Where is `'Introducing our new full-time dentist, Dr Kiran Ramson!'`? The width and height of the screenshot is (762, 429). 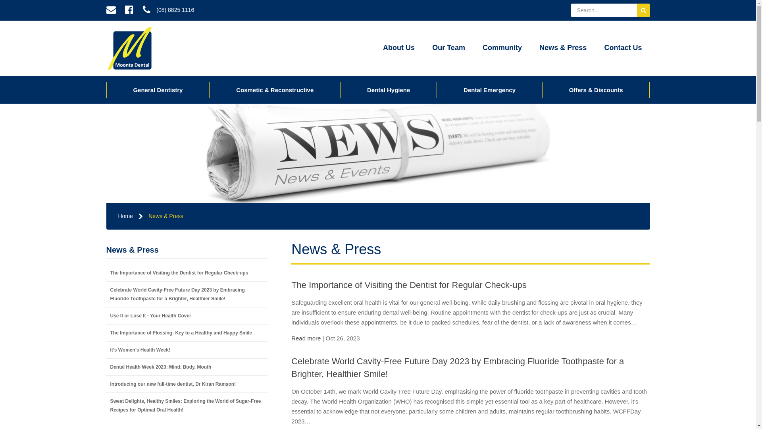
'Introducing our new full-time dentist, Dr Kiran Ramson!' is located at coordinates (187, 384).